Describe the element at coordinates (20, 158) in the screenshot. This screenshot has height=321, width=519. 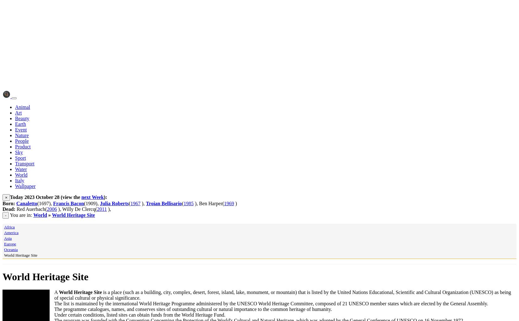
I see `'Sport'` at that location.